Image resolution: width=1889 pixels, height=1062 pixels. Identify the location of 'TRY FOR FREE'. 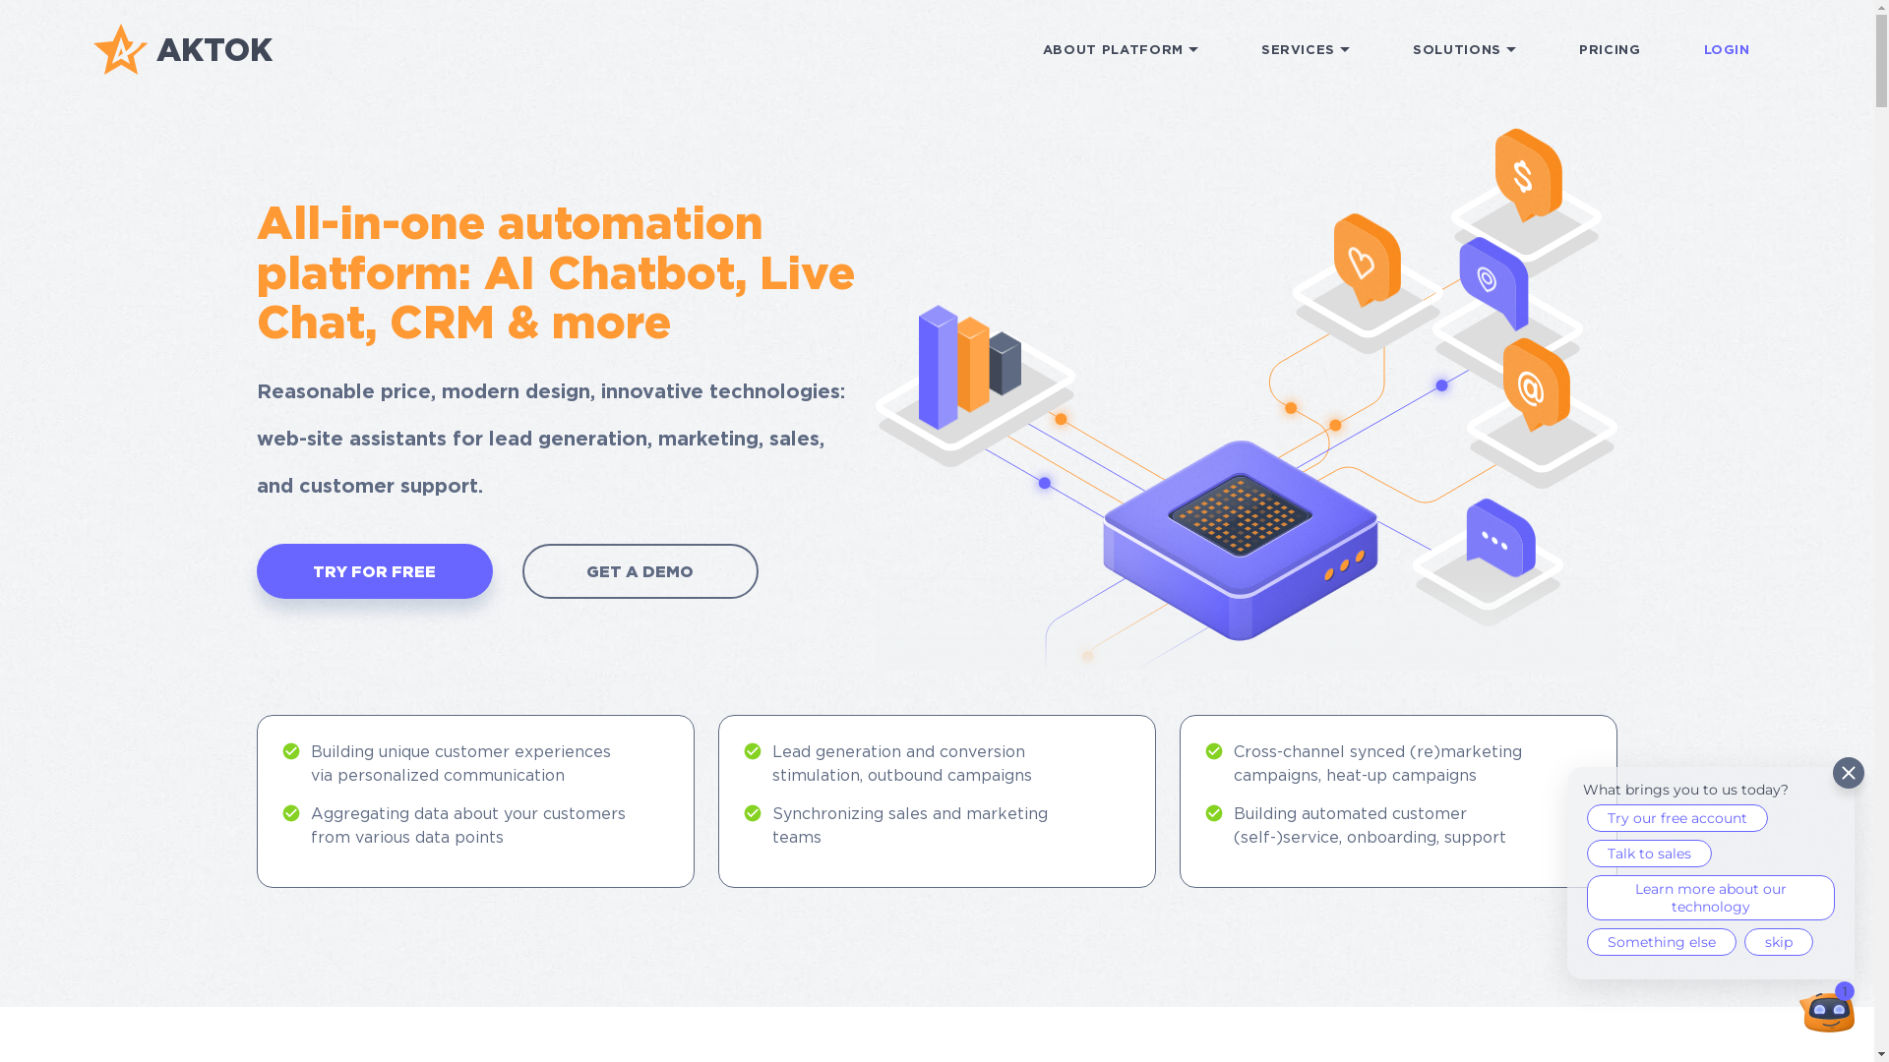
(373, 571).